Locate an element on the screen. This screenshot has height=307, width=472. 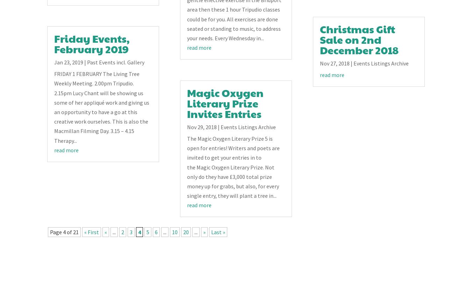
'6' is located at coordinates (156, 232).